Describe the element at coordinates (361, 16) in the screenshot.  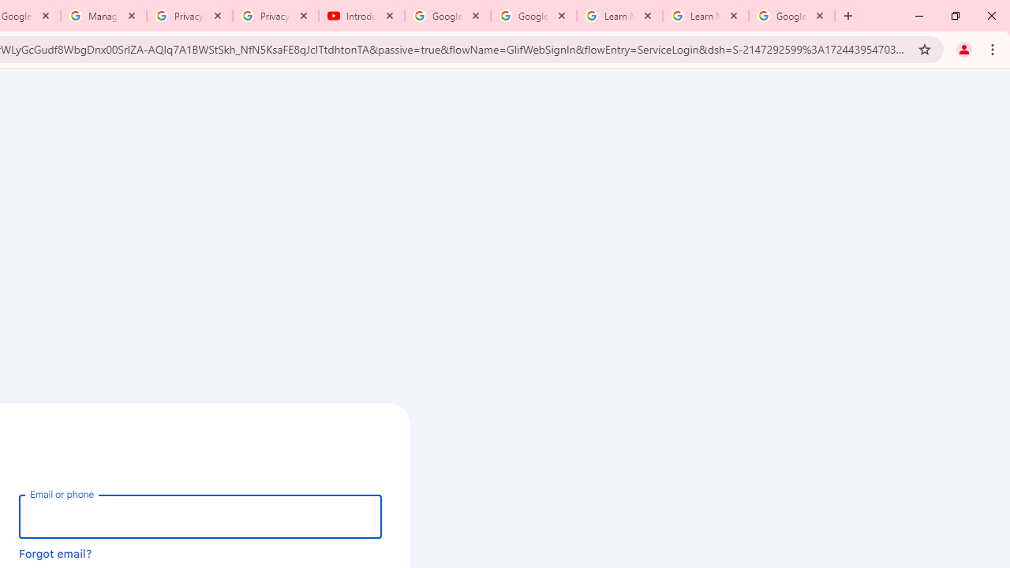
I see `'Introduction | Google Privacy Policy - YouTube'` at that location.